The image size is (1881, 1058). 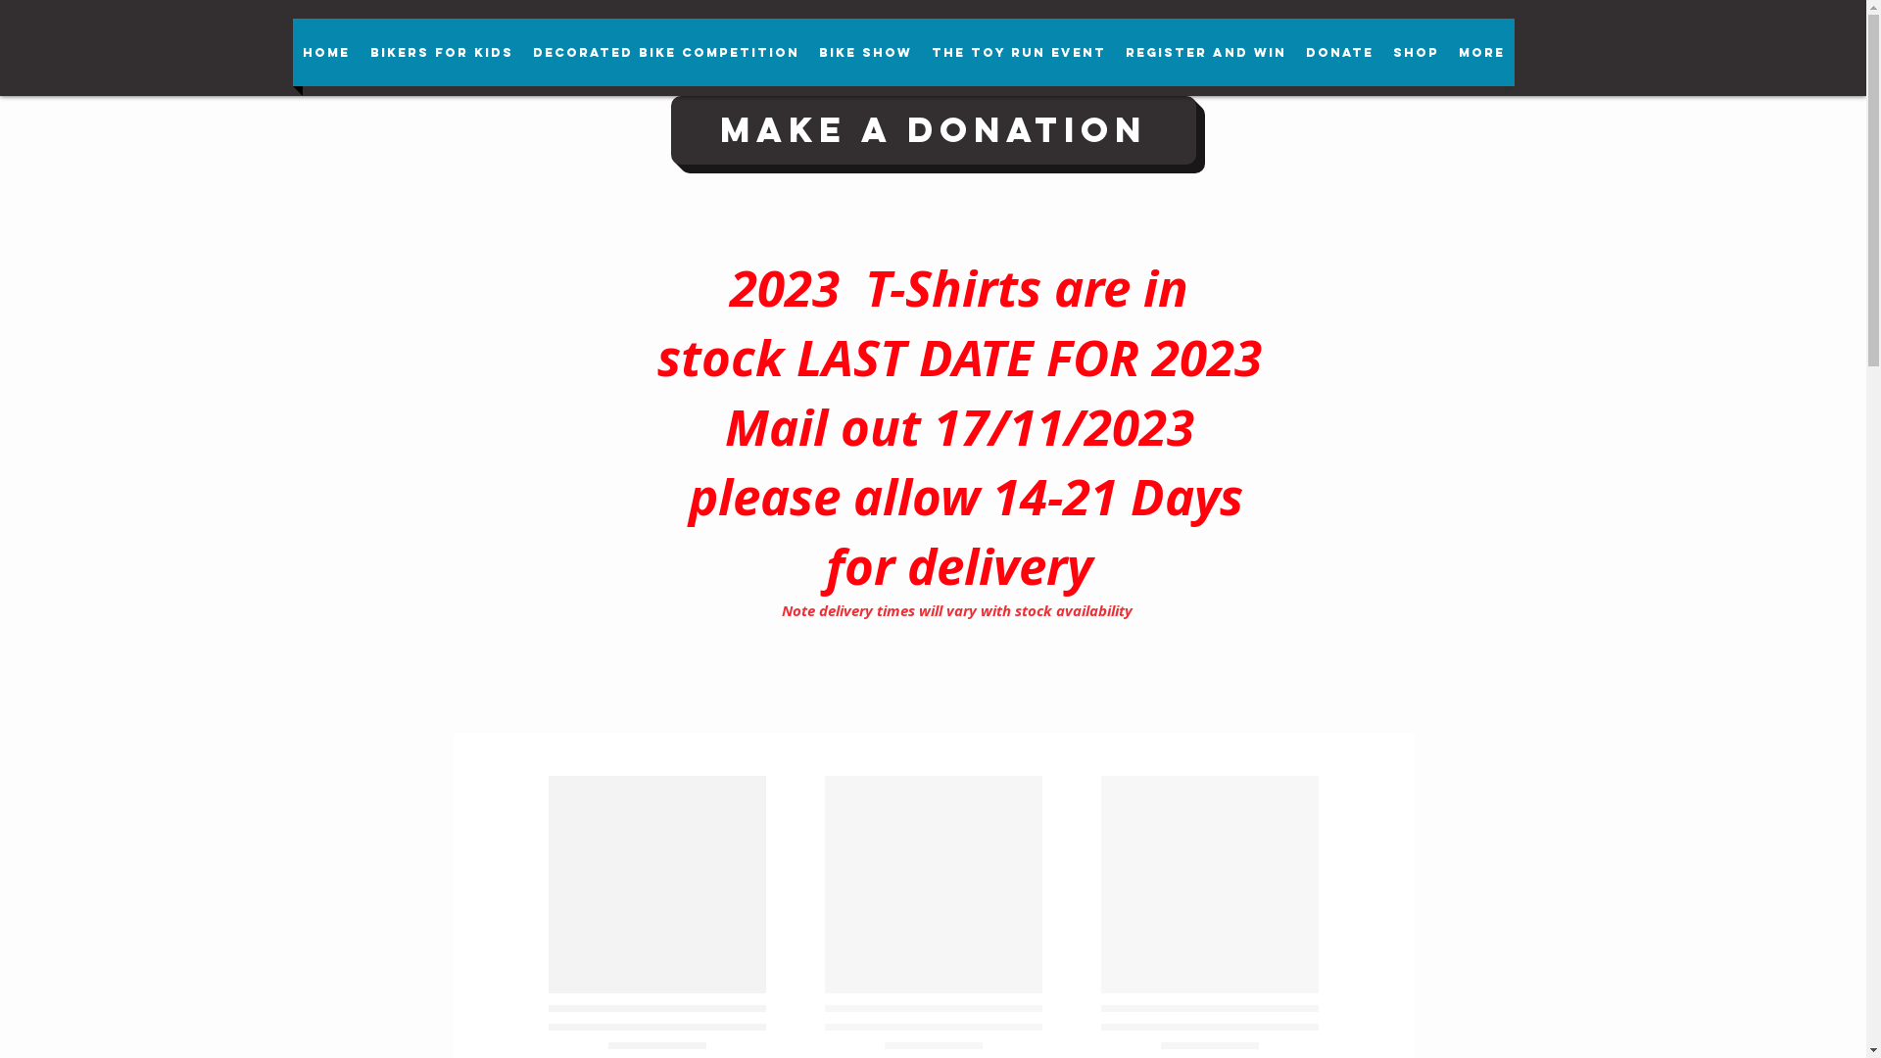 What do you see at coordinates (1416, 51) in the screenshot?
I see `'Shop'` at bounding box center [1416, 51].